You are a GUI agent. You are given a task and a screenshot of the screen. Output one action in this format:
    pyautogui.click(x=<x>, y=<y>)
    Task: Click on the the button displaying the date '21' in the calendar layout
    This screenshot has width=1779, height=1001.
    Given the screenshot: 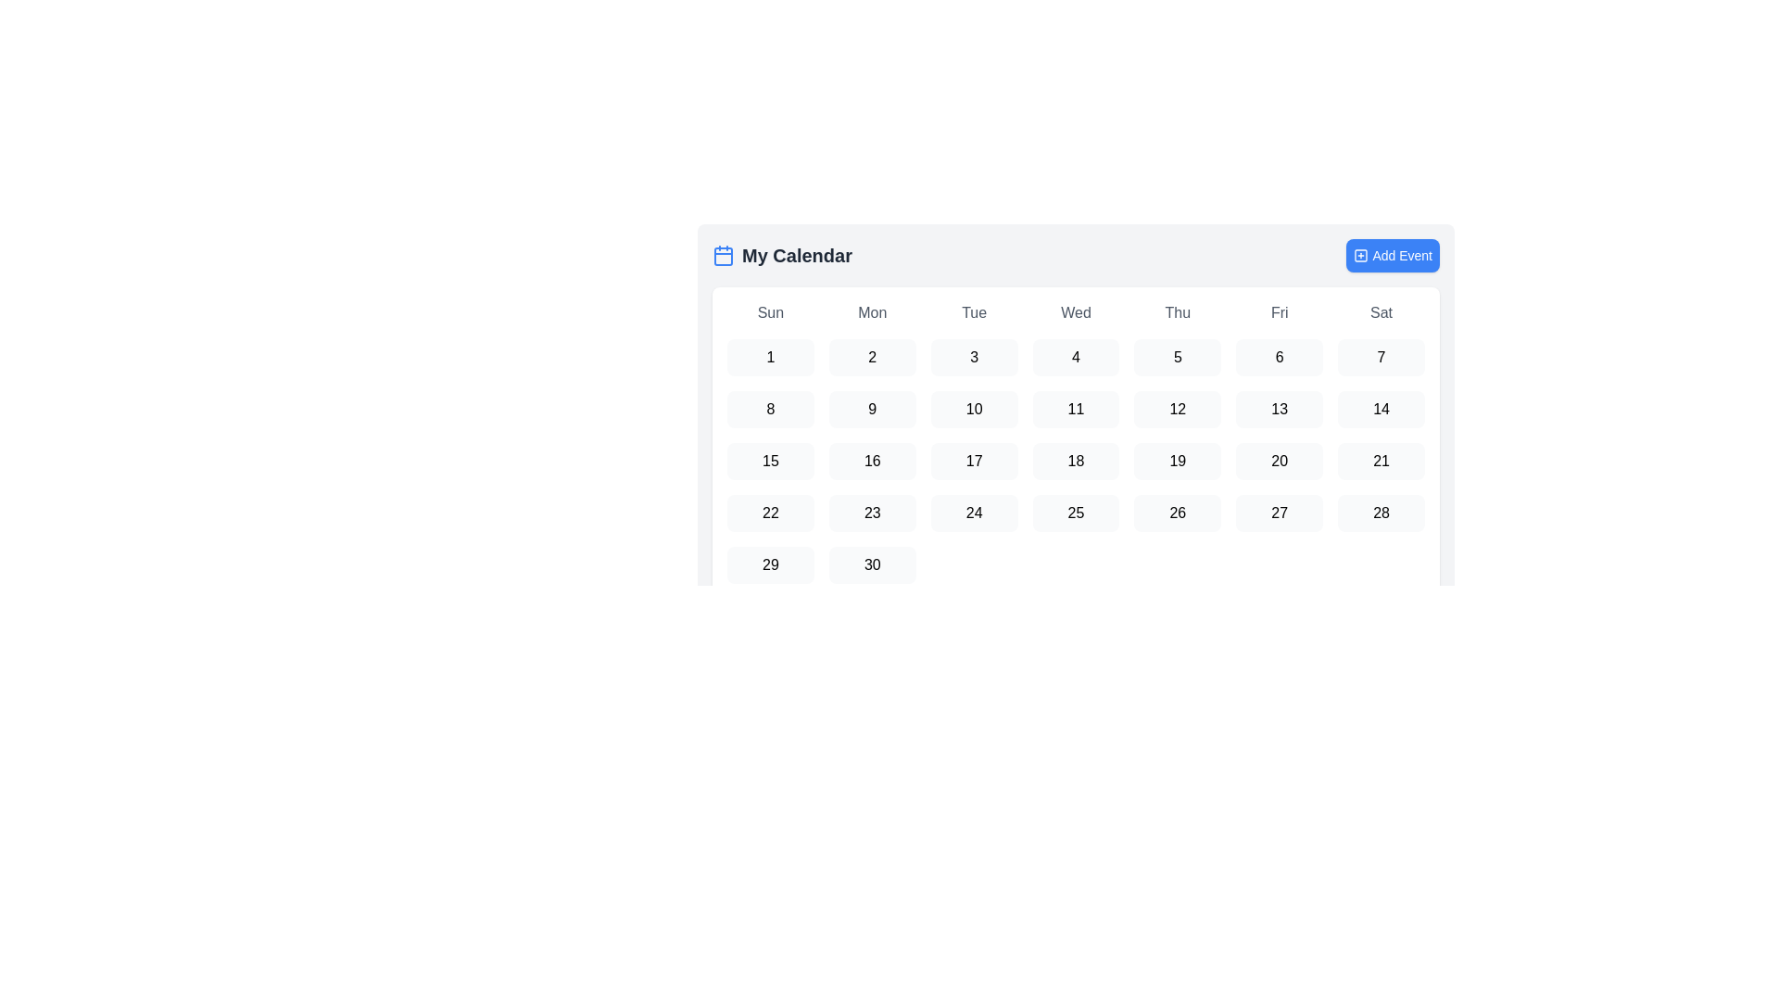 What is the action you would take?
    pyautogui.click(x=1382, y=460)
    